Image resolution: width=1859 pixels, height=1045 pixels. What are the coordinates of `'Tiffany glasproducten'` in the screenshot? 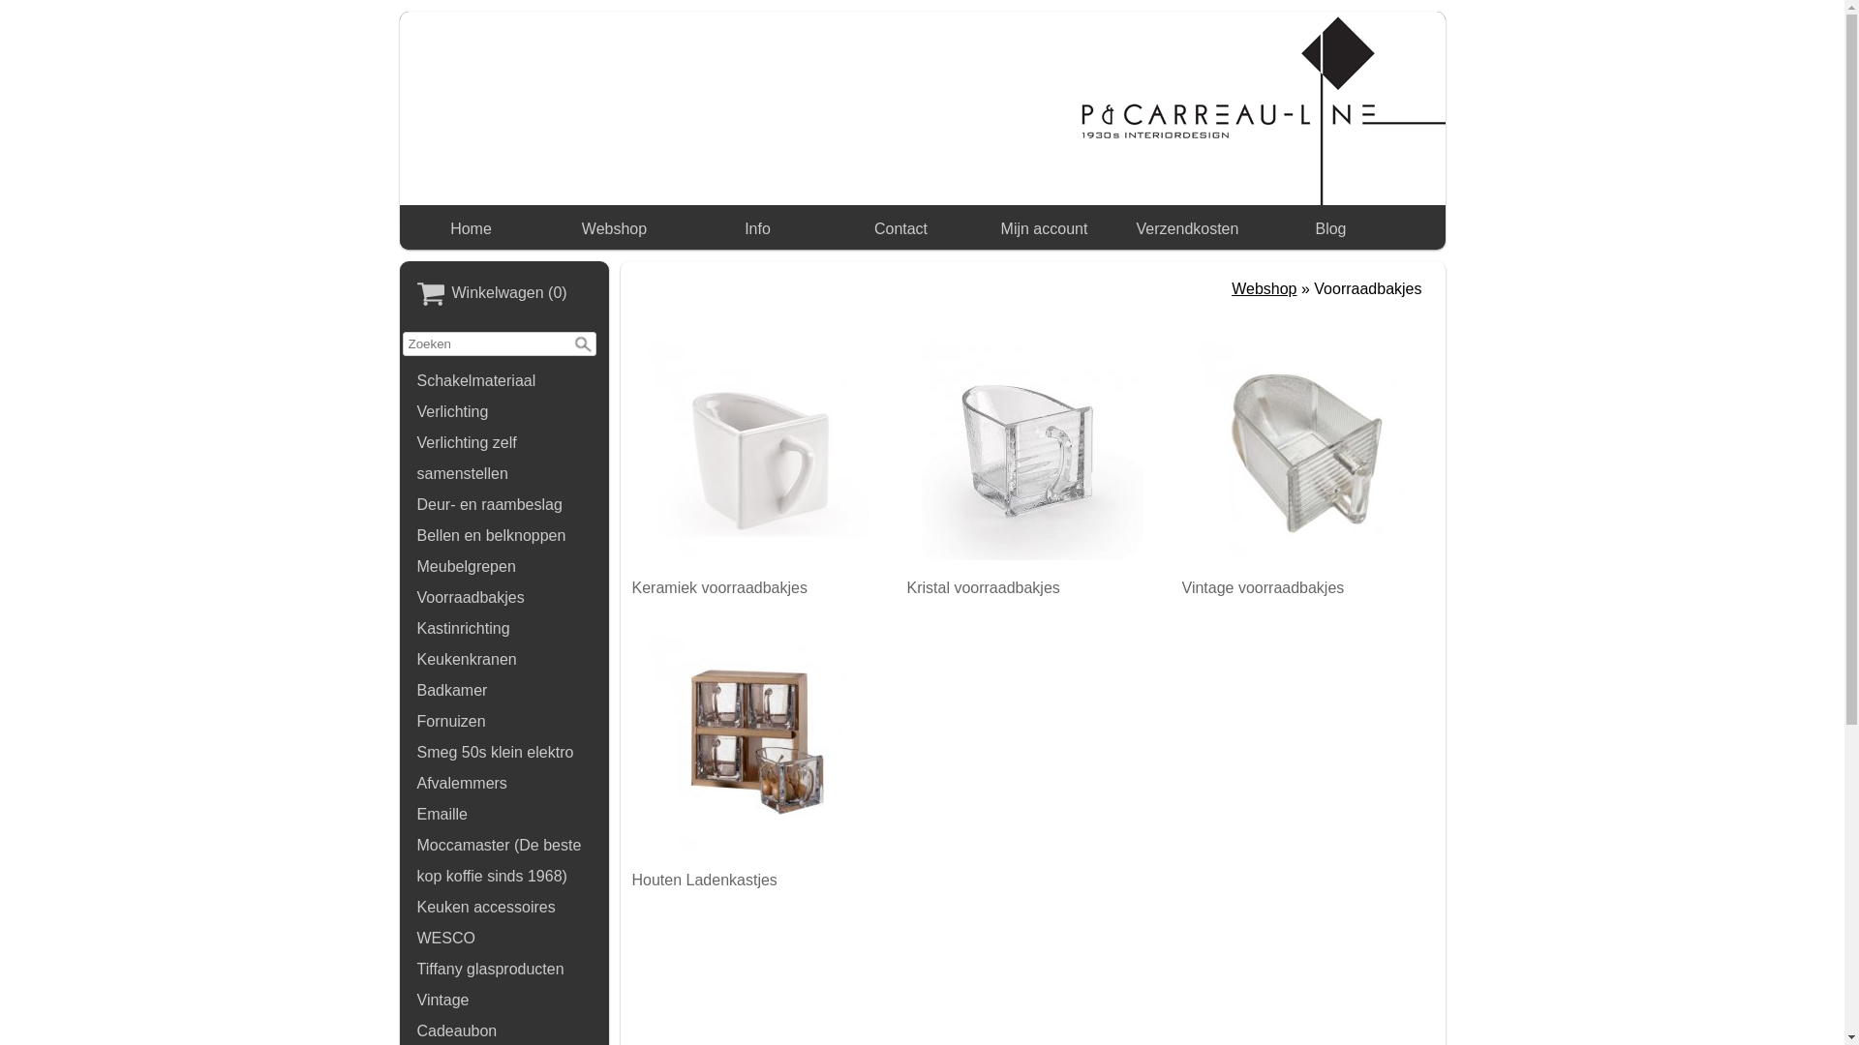 It's located at (504, 970).